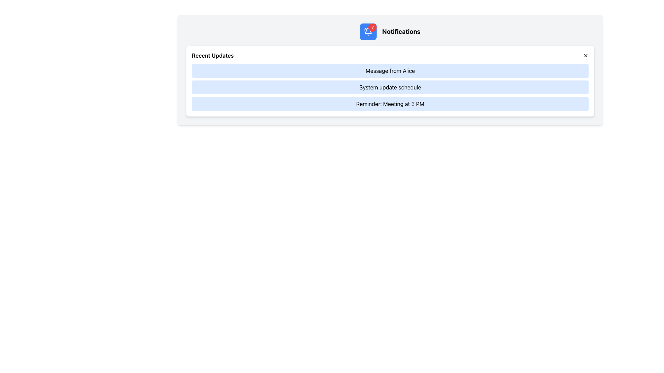 The width and height of the screenshot is (664, 373). What do you see at coordinates (401, 32) in the screenshot?
I see `the 'Notifications' text label, which is bold and large-sized, located next to a notification icon with a blue background and a red badge showing '7'` at bounding box center [401, 32].